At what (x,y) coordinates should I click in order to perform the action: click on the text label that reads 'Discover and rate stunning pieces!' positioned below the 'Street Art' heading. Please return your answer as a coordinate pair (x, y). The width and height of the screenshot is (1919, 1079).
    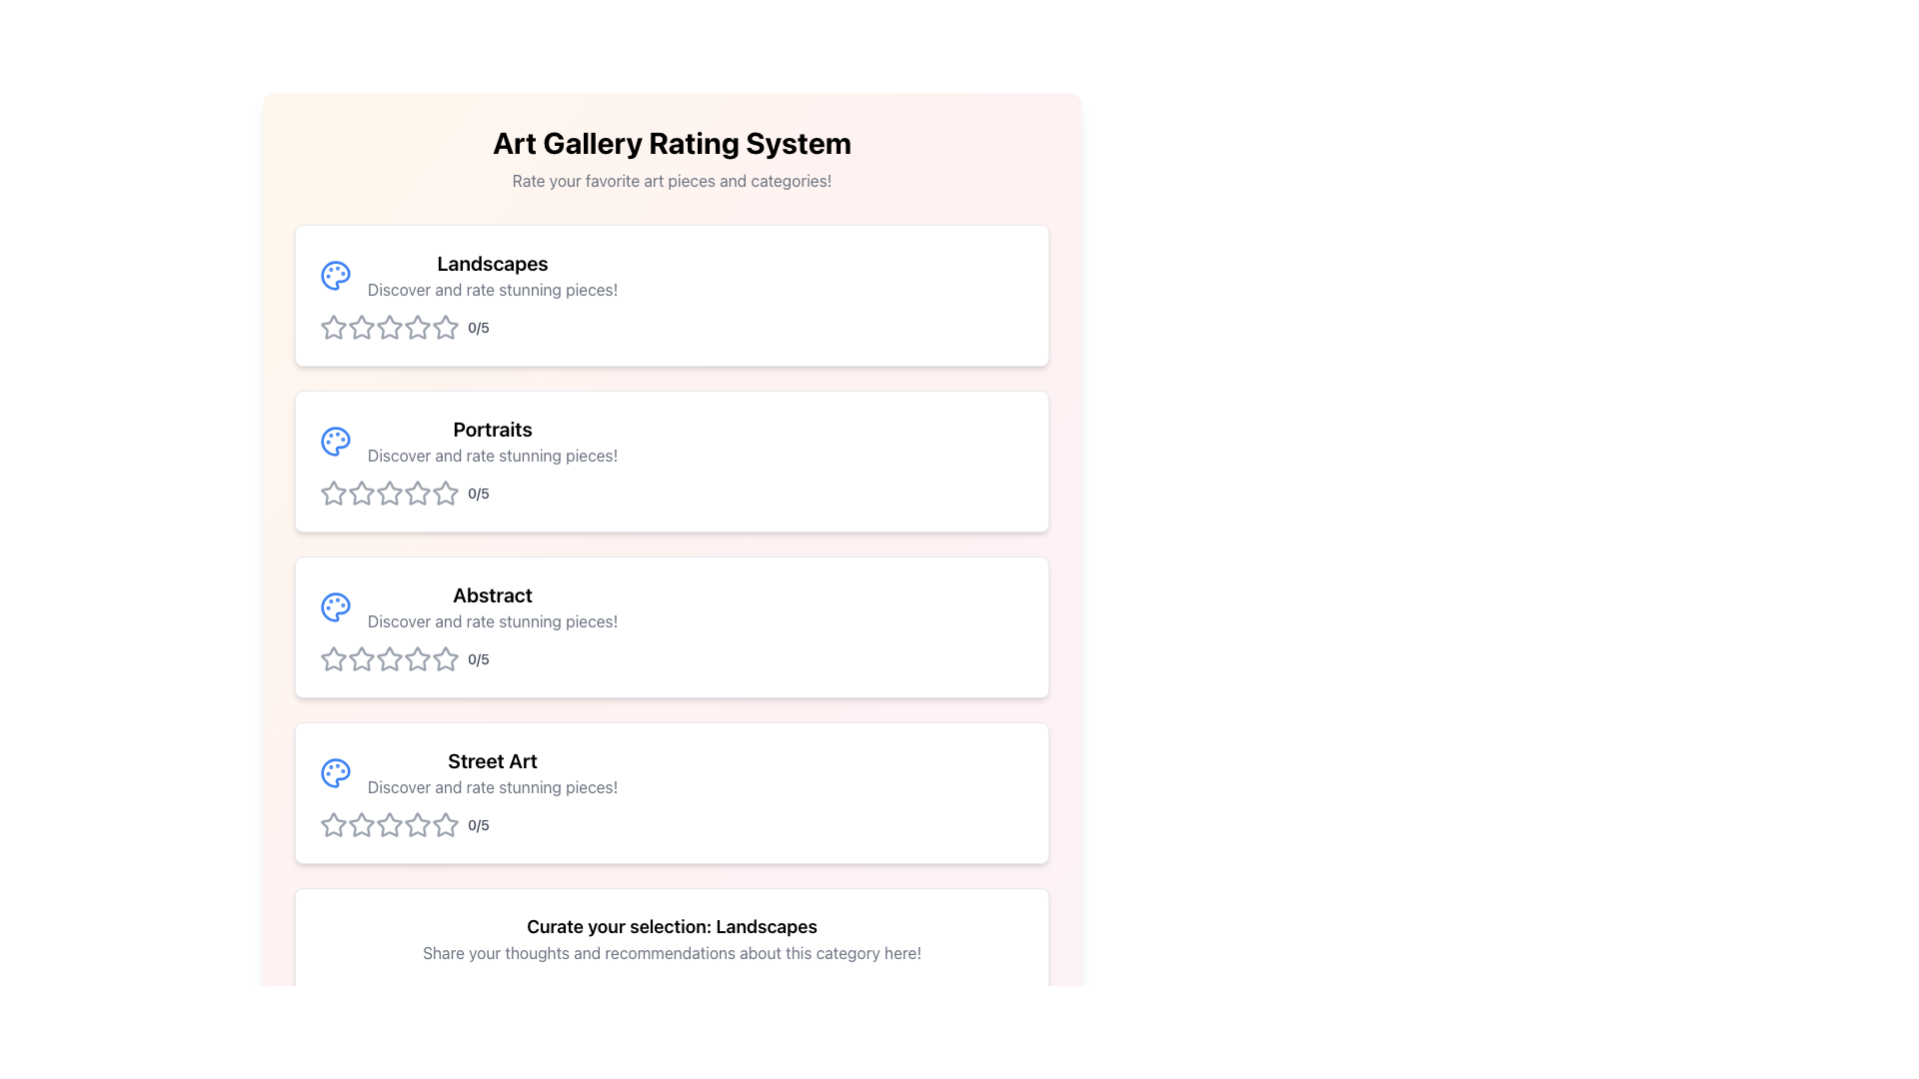
    Looking at the image, I should click on (493, 785).